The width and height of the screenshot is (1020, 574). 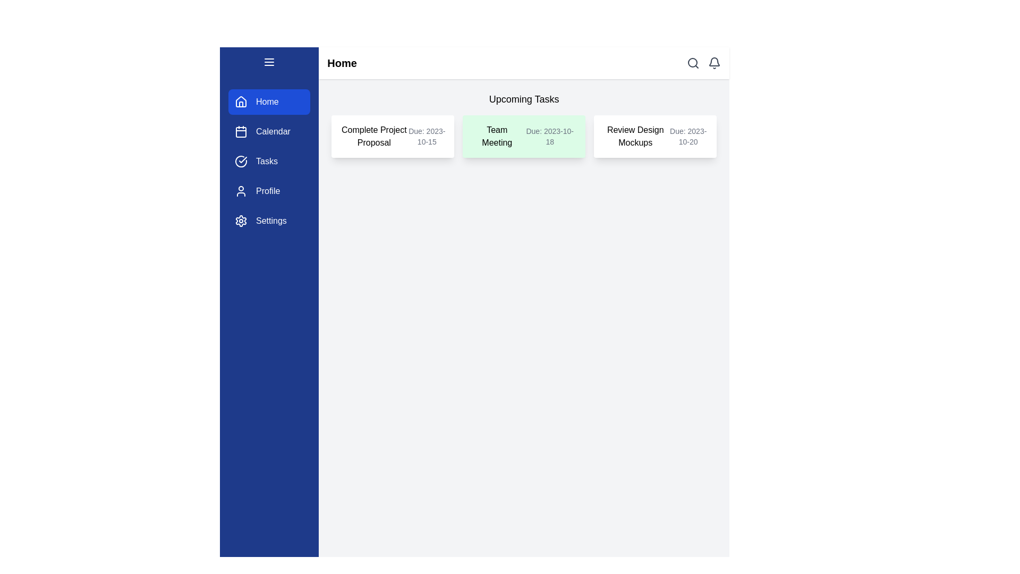 What do you see at coordinates (268, 190) in the screenshot?
I see `the 'Profile' text label, which is styled in white sans-serif text and located in the sidebar menu, positioned between the 'Tasks' and 'Settings' menu items` at bounding box center [268, 190].